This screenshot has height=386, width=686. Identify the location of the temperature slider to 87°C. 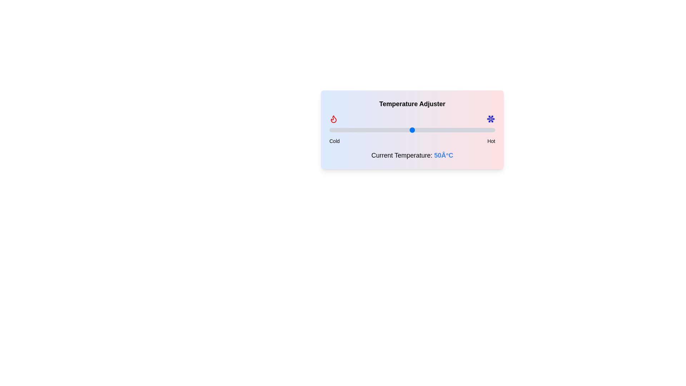
(473, 130).